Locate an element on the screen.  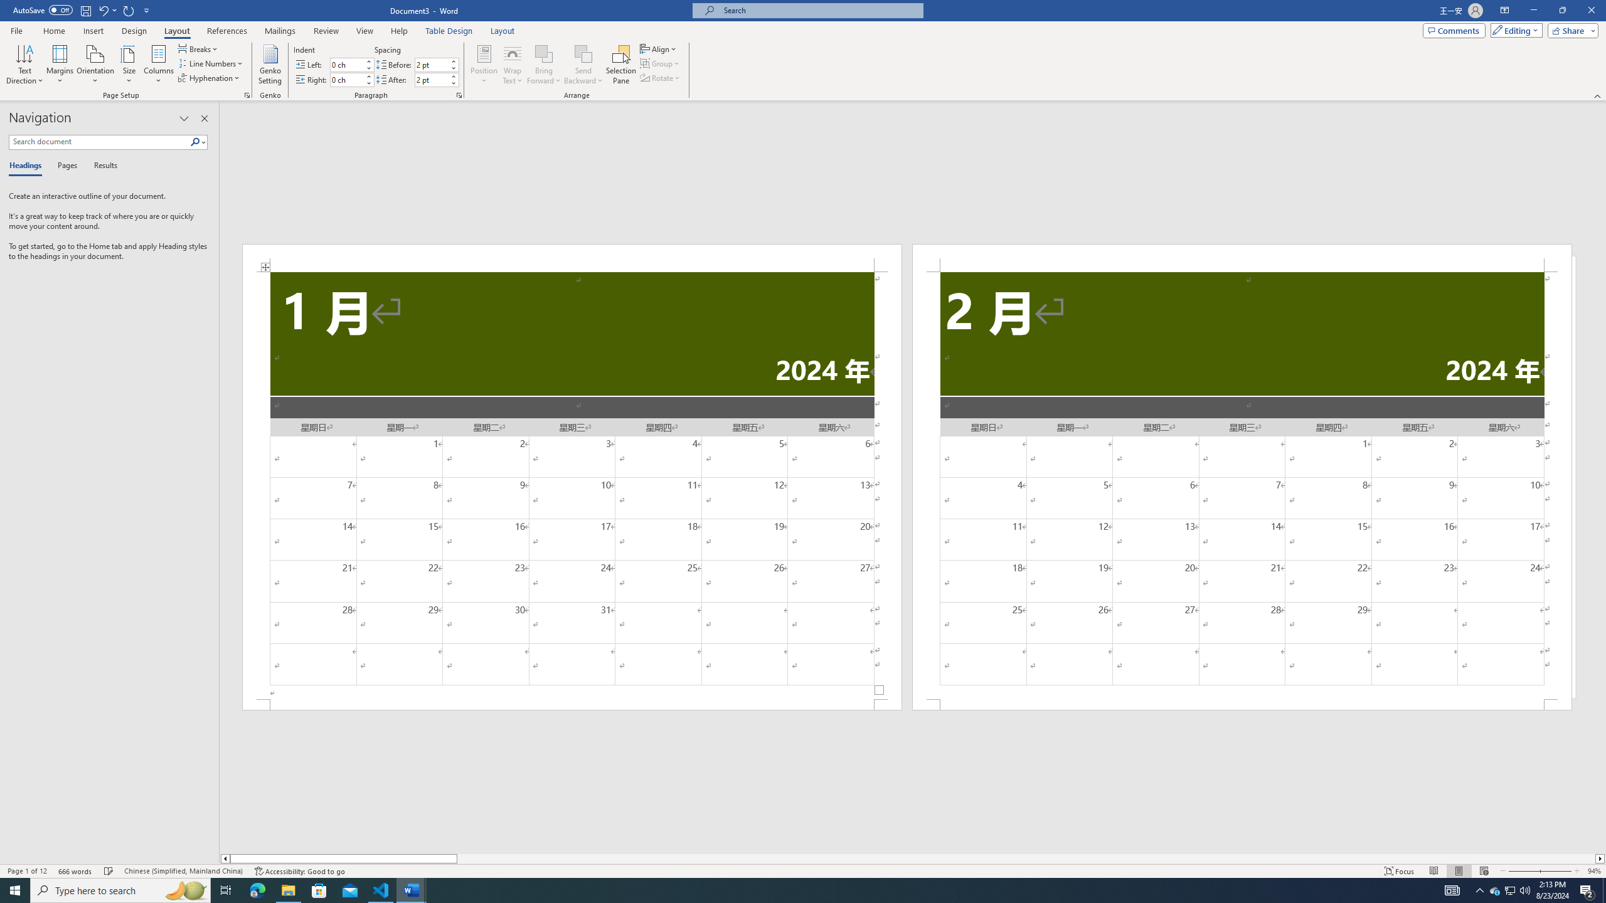
'Spacing After' is located at coordinates (432, 79).